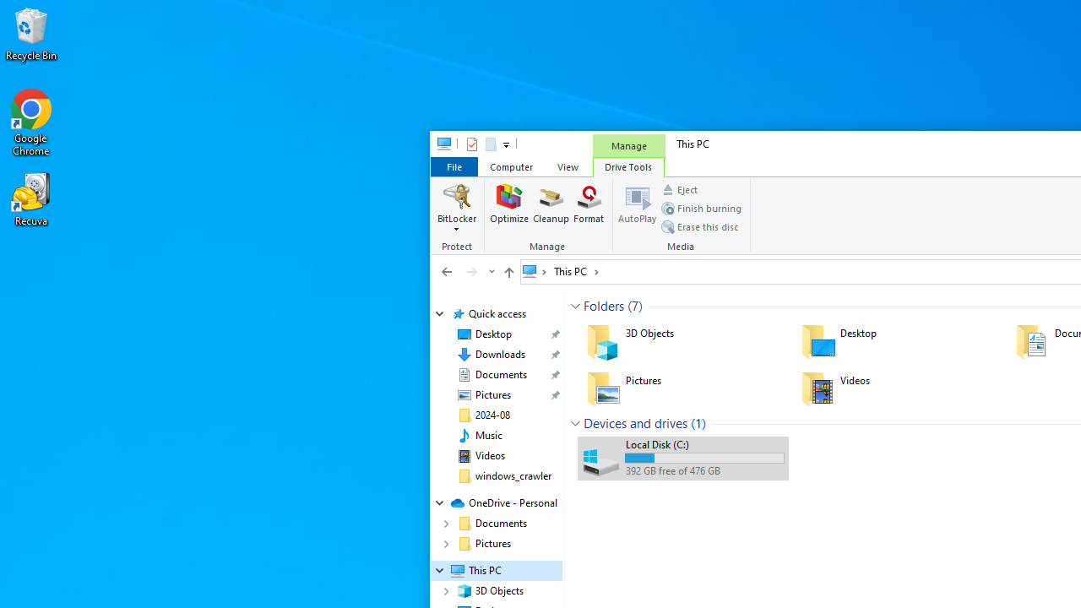 The height and width of the screenshot is (608, 1081). What do you see at coordinates (492, 415) in the screenshot?
I see `'2024-08'` at bounding box center [492, 415].